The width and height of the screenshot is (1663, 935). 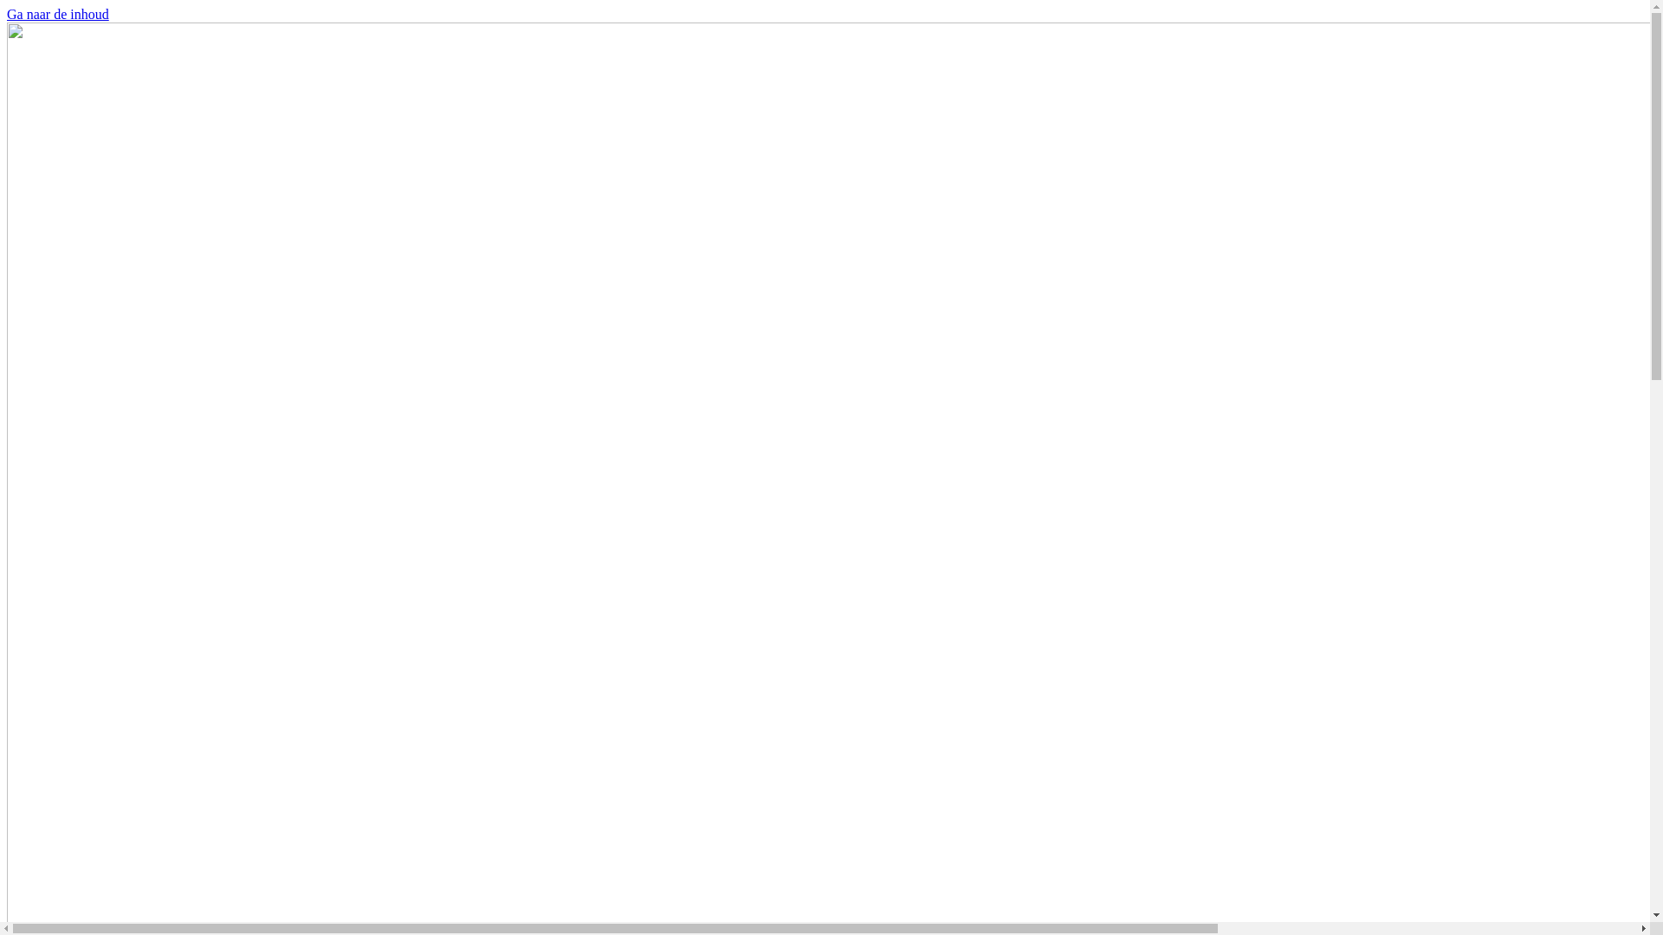 What do you see at coordinates (58, 14) in the screenshot?
I see `'Ga naar de inhoud'` at bounding box center [58, 14].